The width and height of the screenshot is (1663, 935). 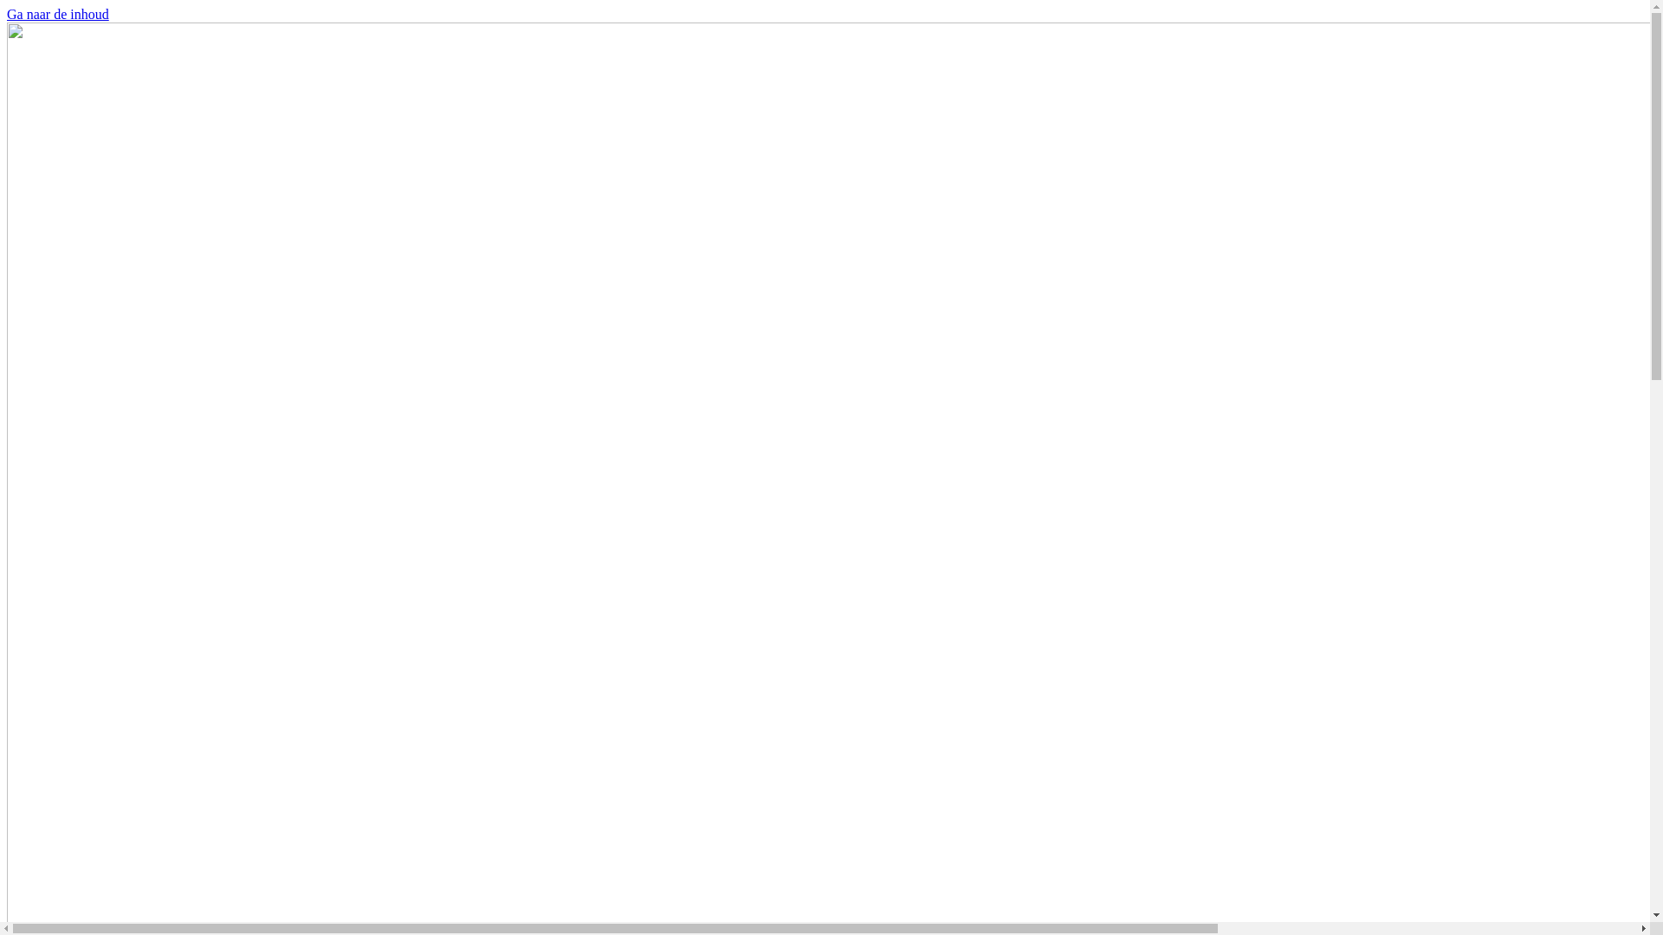 What do you see at coordinates (58, 14) in the screenshot?
I see `'Ga naar de inhoud'` at bounding box center [58, 14].